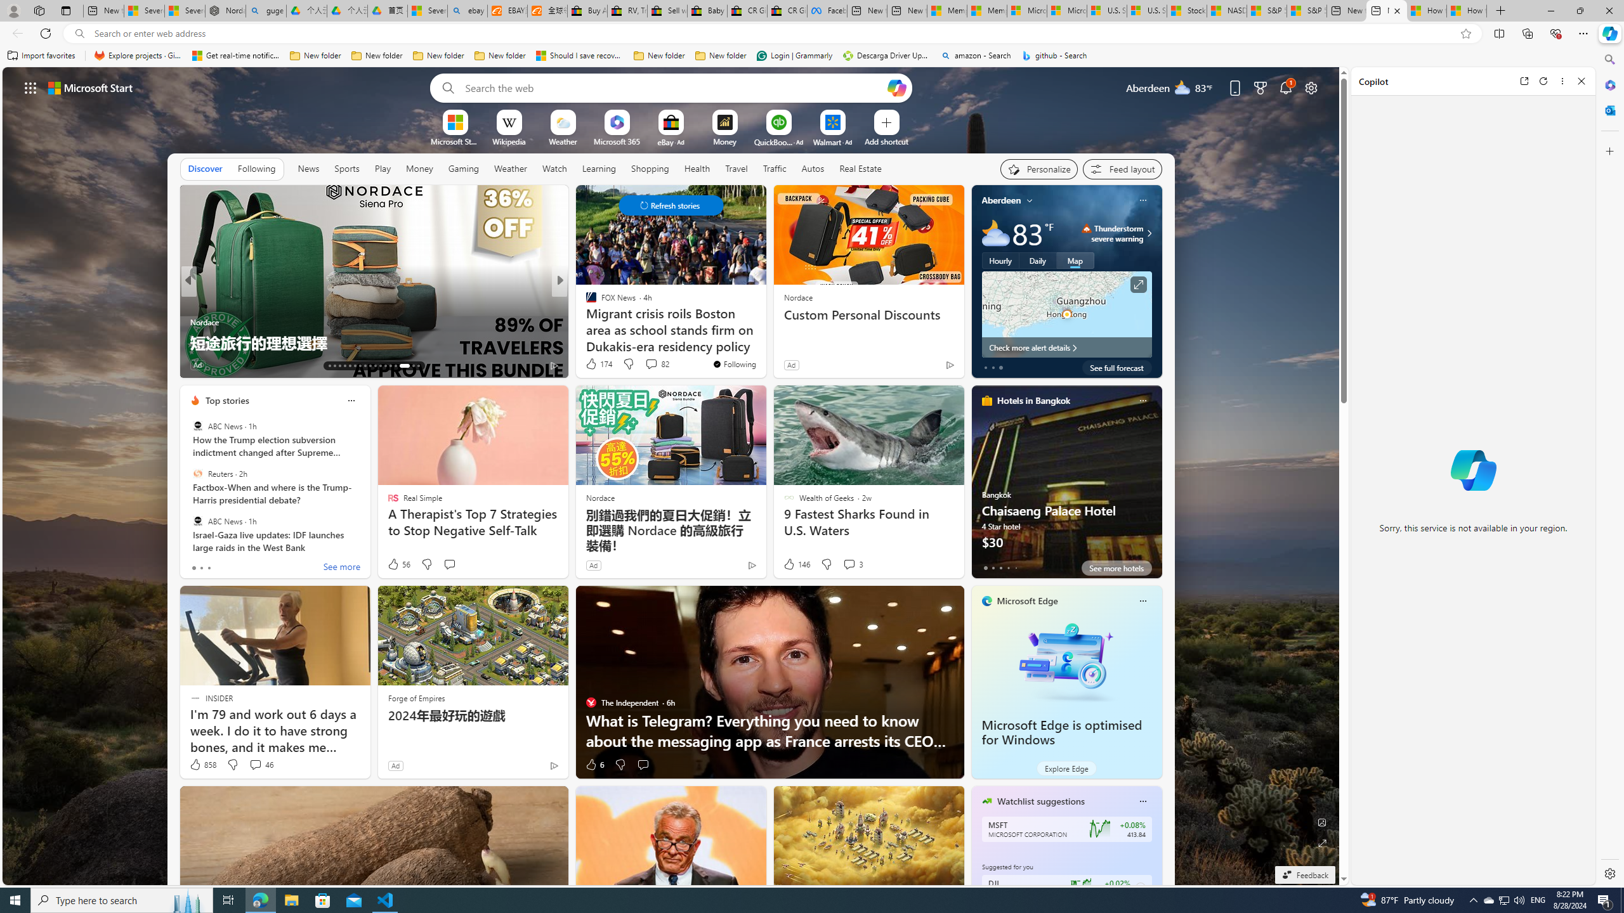 The image size is (1624, 913). What do you see at coordinates (627, 10) in the screenshot?
I see `'RV, Trailer & Camper Steps & Ladders for sale | eBay'` at bounding box center [627, 10].